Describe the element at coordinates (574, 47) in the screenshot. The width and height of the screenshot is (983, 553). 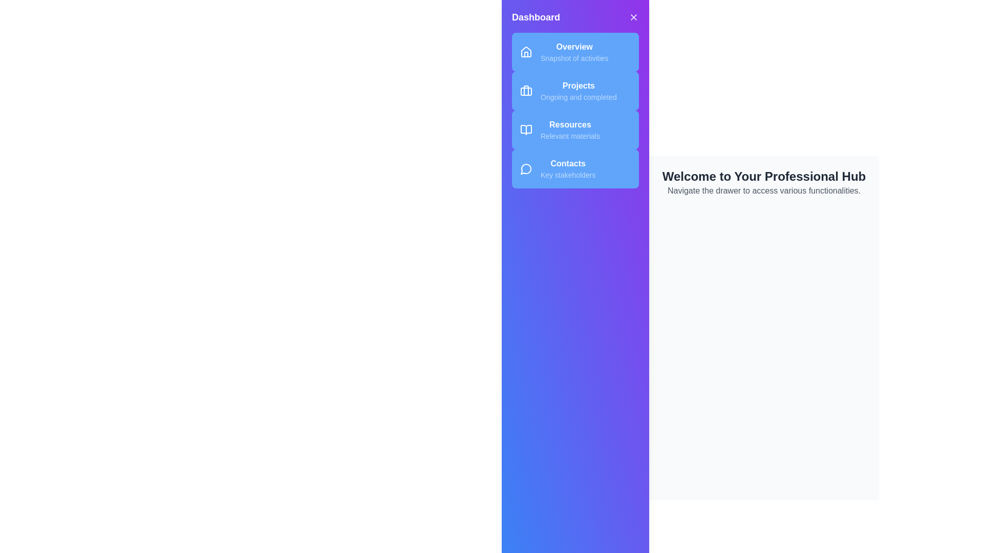
I see `the text element labeled Overview to interact with it` at that location.